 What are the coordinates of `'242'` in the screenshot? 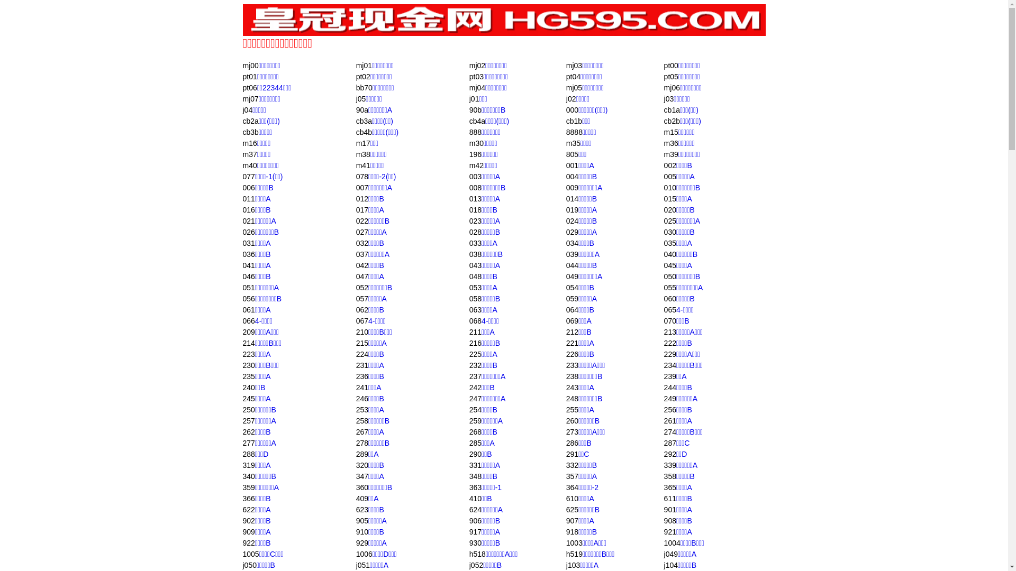 It's located at (475, 387).